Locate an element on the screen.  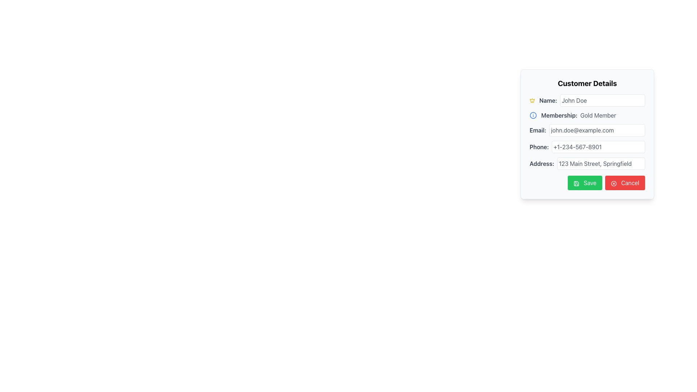
the Cancel icon located on the left side of the Cancel button, which visually represents the Cancel action is located at coordinates (613, 183).